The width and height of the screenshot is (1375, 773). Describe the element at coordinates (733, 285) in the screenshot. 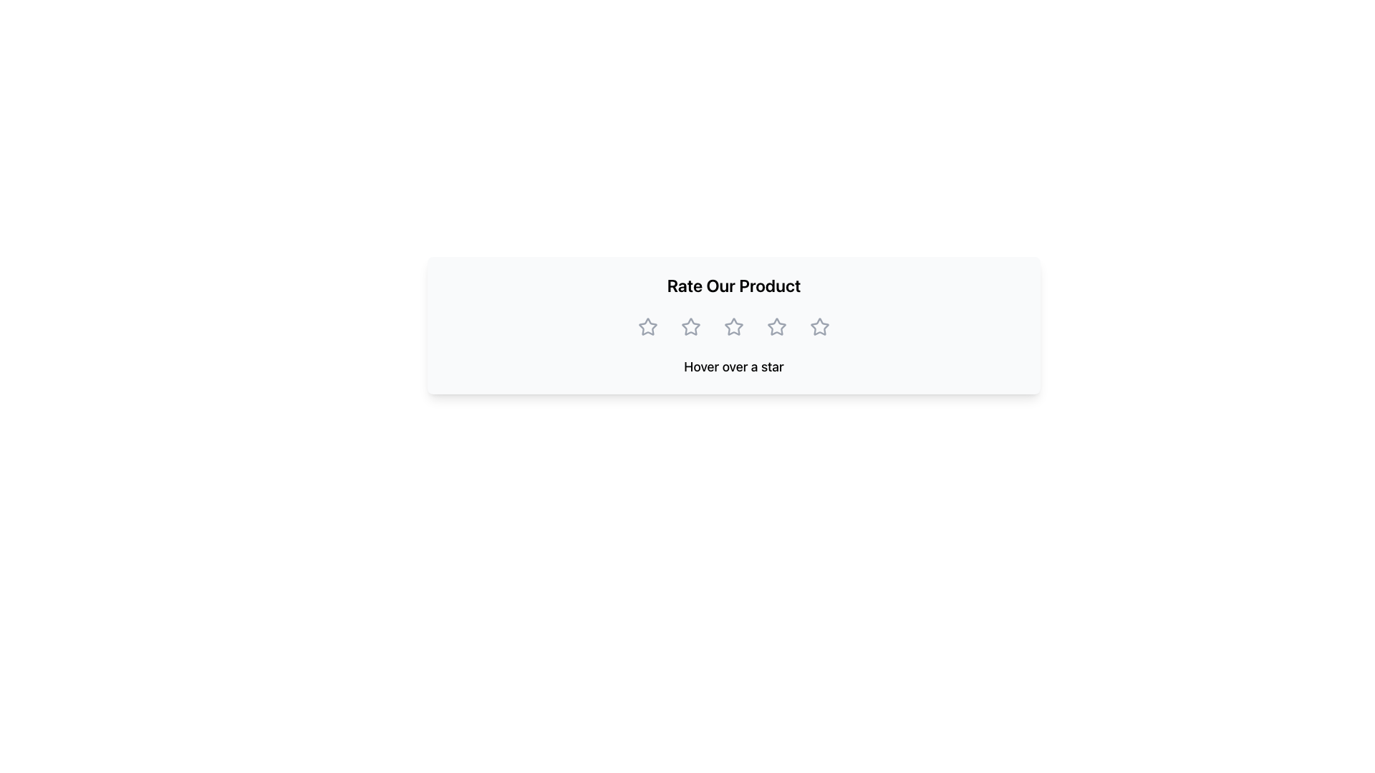

I see `the heading text element that invites users to rate the product, located at the top of a centered white box` at that location.